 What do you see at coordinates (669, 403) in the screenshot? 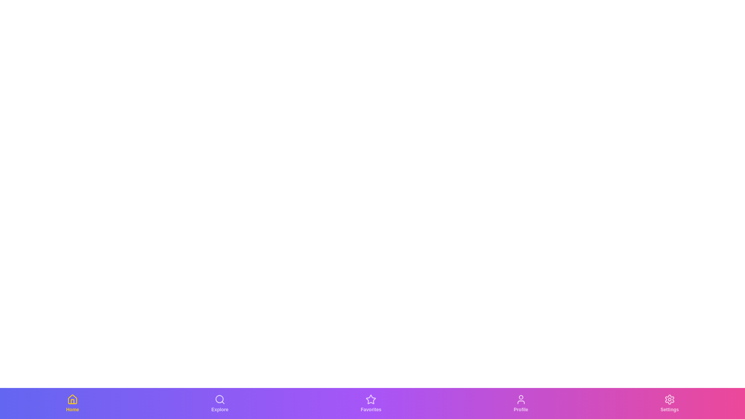
I see `the Settings tab in the bottom navigation bar to switch to its corresponding view` at bounding box center [669, 403].